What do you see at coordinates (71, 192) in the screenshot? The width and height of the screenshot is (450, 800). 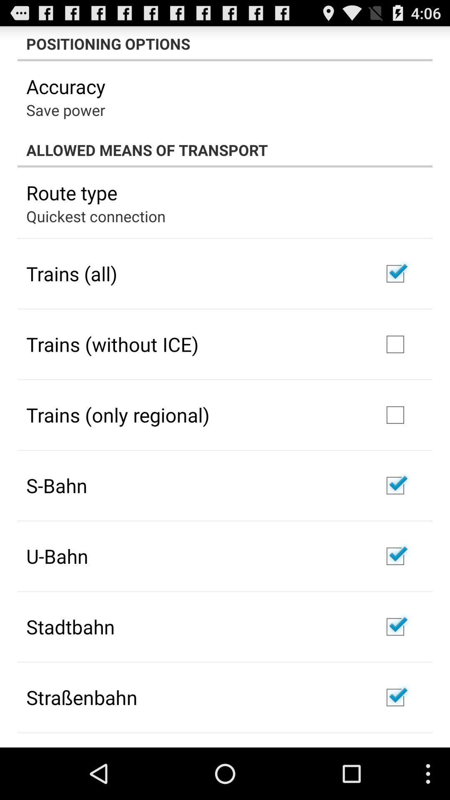 I see `item below allowed means of app` at bounding box center [71, 192].